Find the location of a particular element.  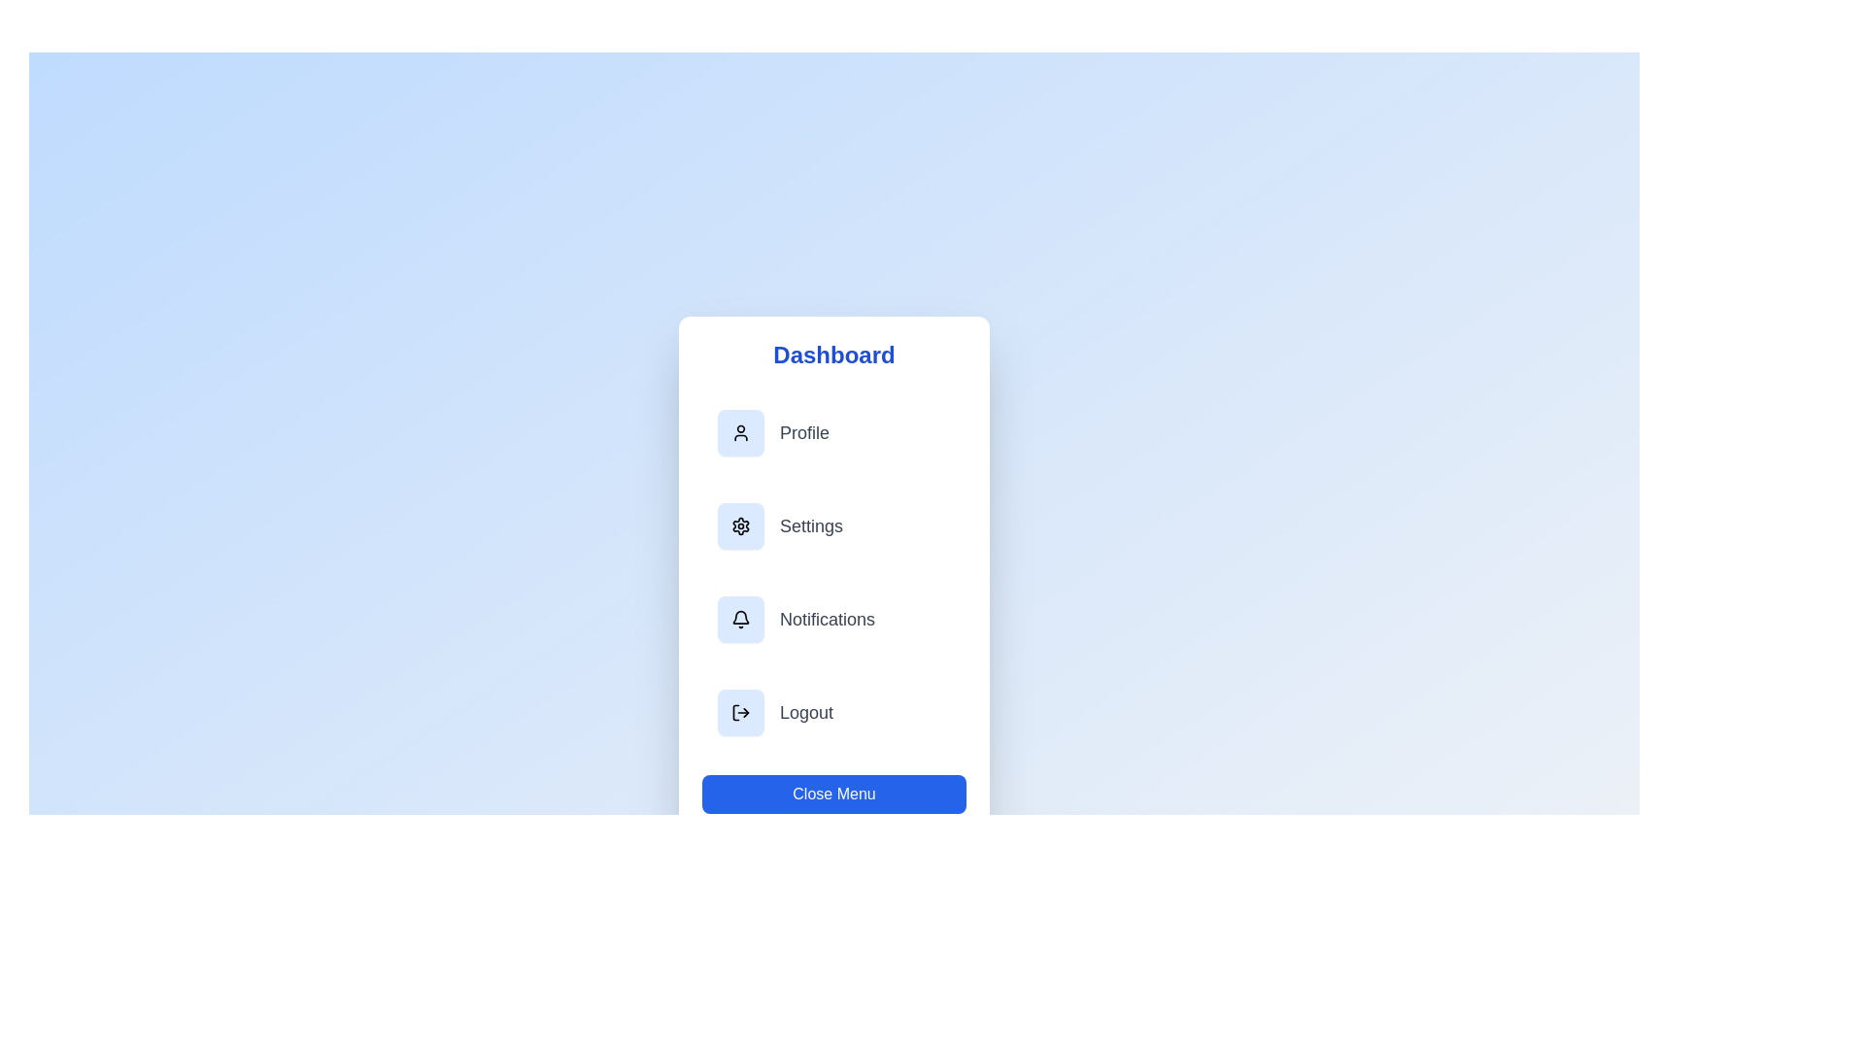

the menu item Settings to observe visual feedback is located at coordinates (834, 526).